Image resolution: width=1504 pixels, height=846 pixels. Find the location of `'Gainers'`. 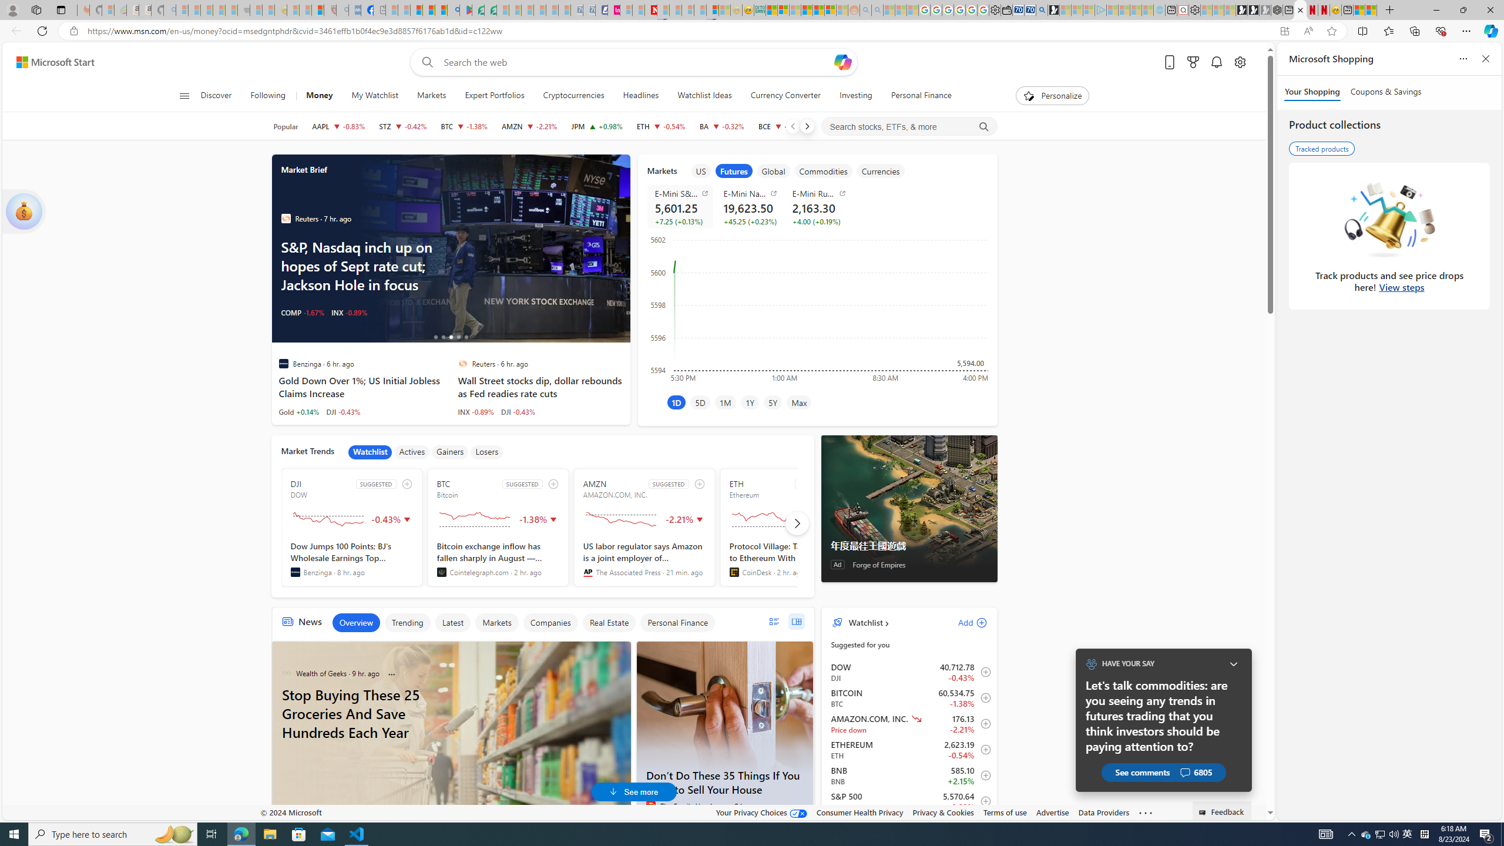

'Gainers' is located at coordinates (450, 452).